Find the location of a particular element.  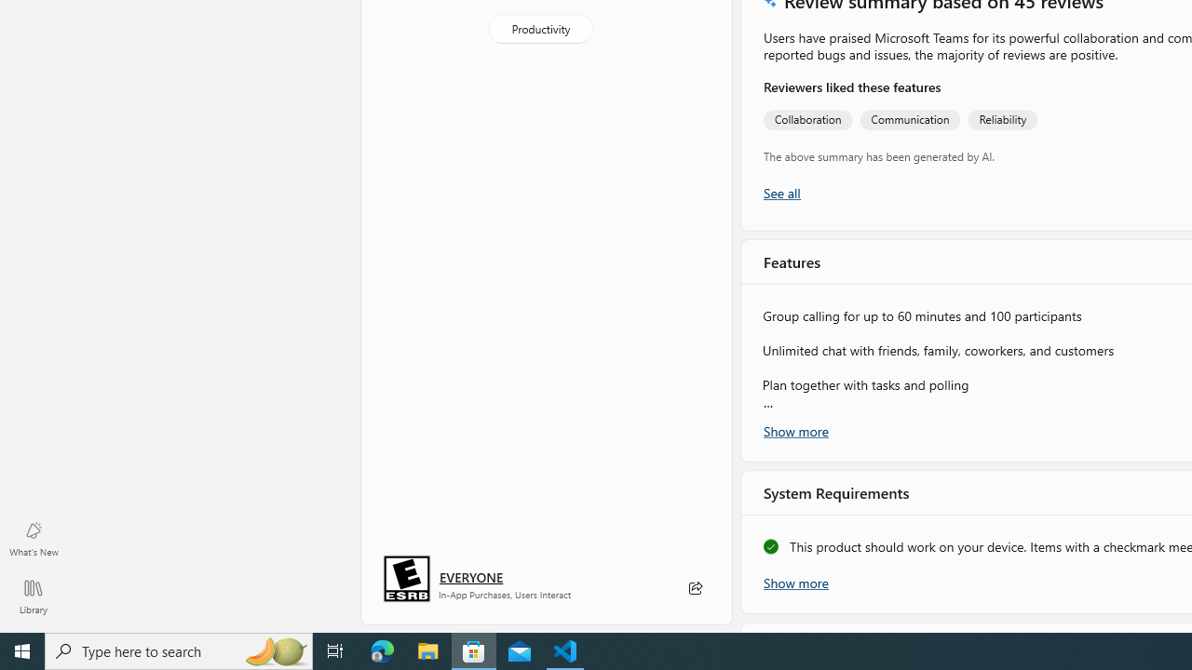

'What' is located at coordinates (33, 538).